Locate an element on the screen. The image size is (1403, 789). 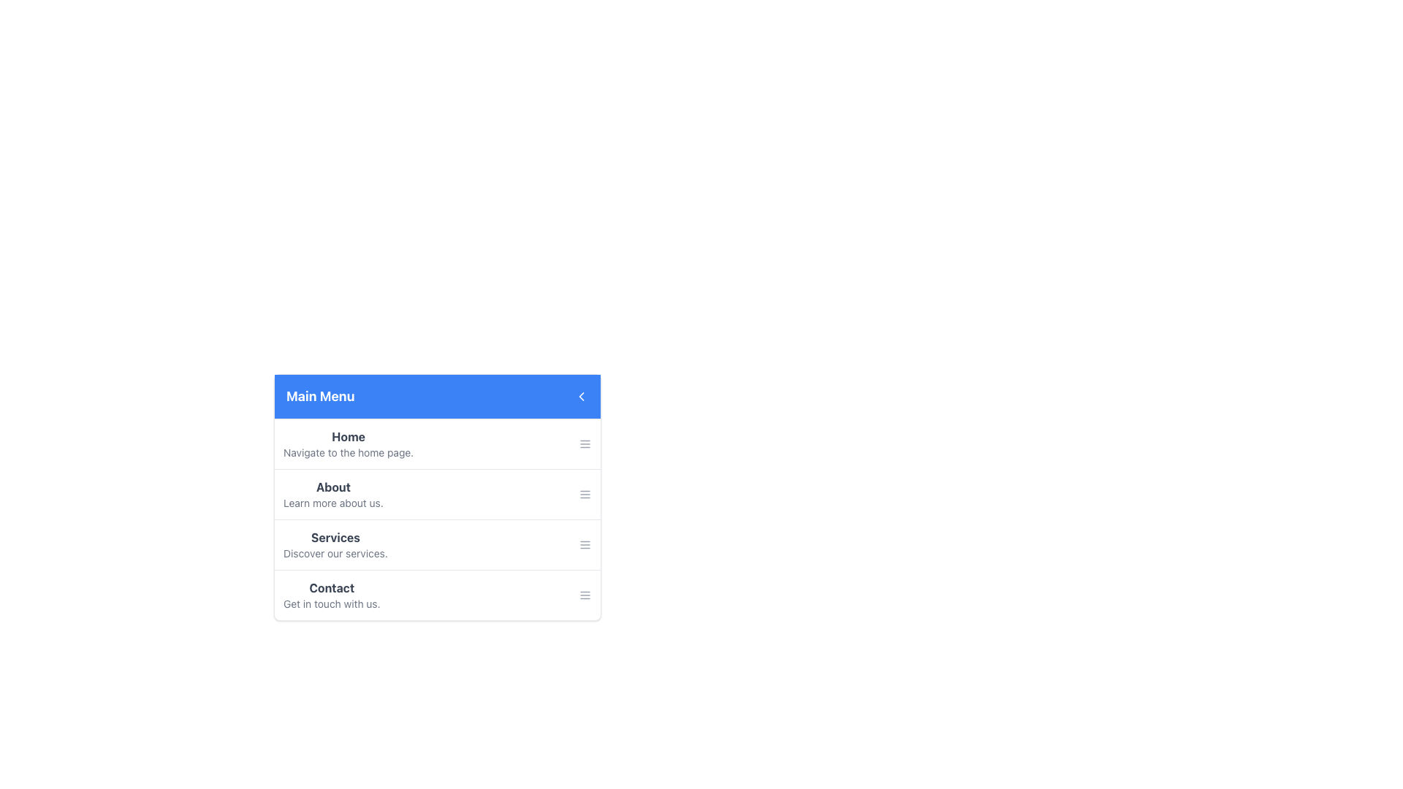
text snippet that says 'Discover our services.' located beneath the 'Services' title in the menu component is located at coordinates (335, 554).